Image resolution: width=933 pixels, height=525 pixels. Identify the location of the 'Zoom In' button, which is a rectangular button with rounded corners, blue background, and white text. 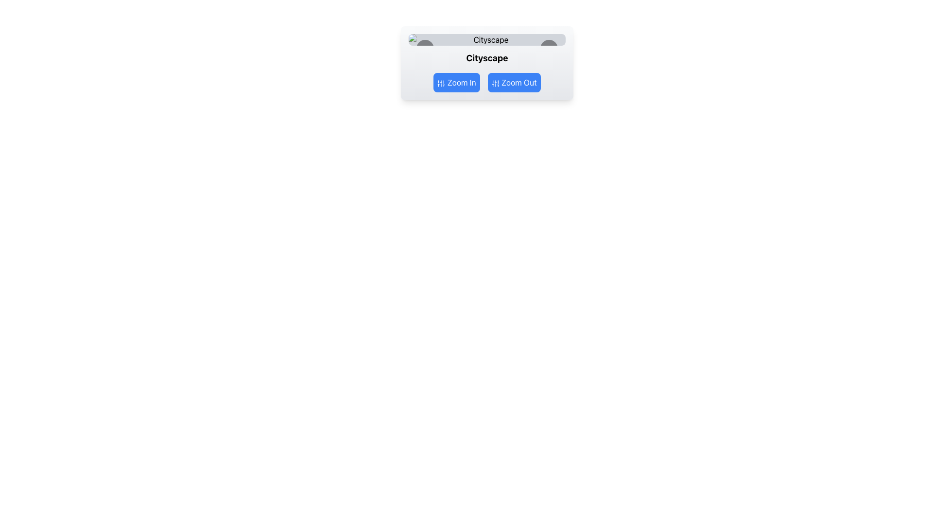
(456, 82).